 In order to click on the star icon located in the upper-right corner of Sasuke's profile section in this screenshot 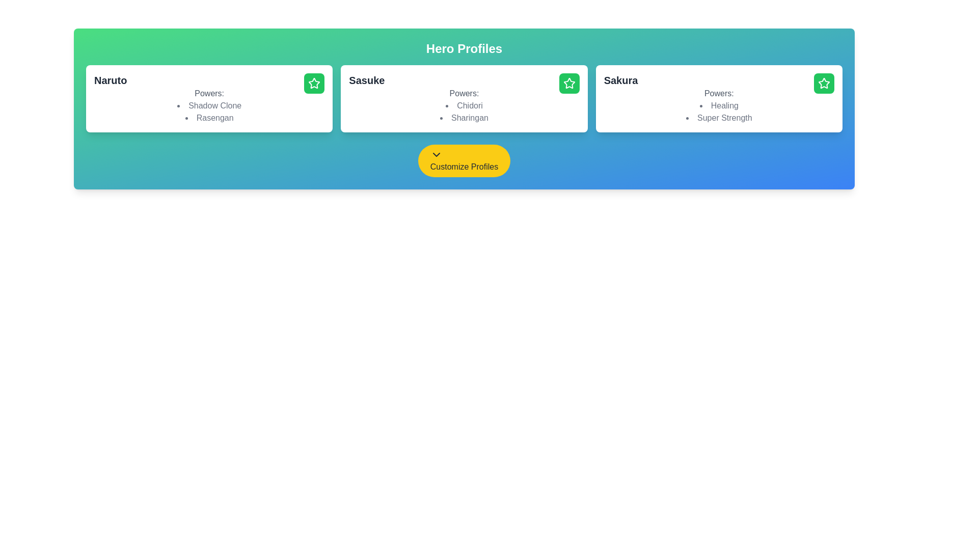, I will do `click(568, 83)`.